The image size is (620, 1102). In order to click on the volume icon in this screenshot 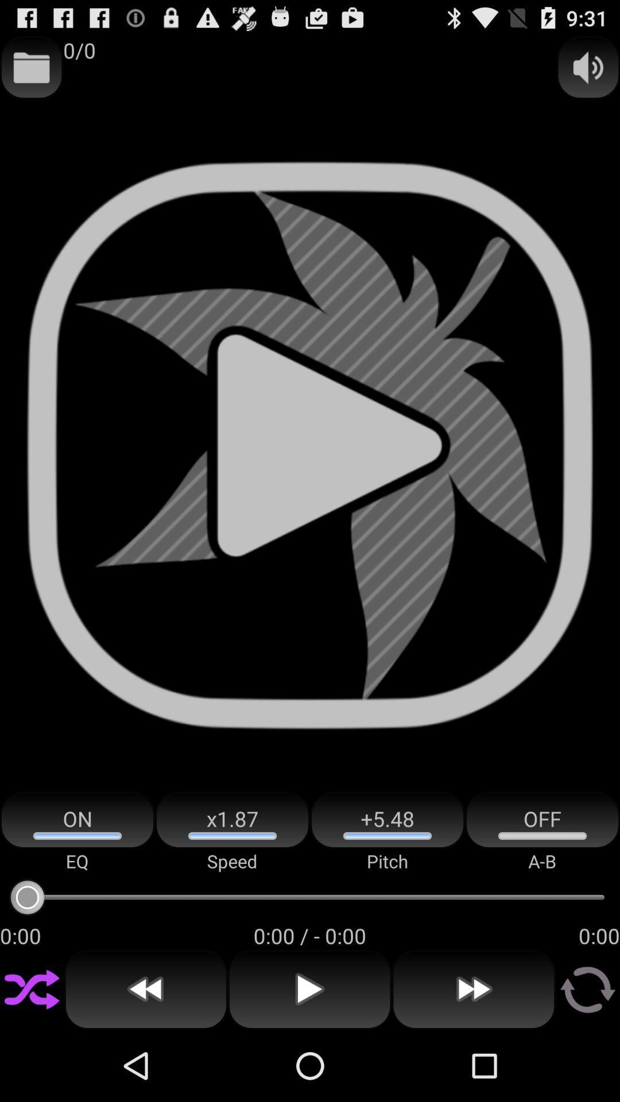, I will do `click(588, 72)`.